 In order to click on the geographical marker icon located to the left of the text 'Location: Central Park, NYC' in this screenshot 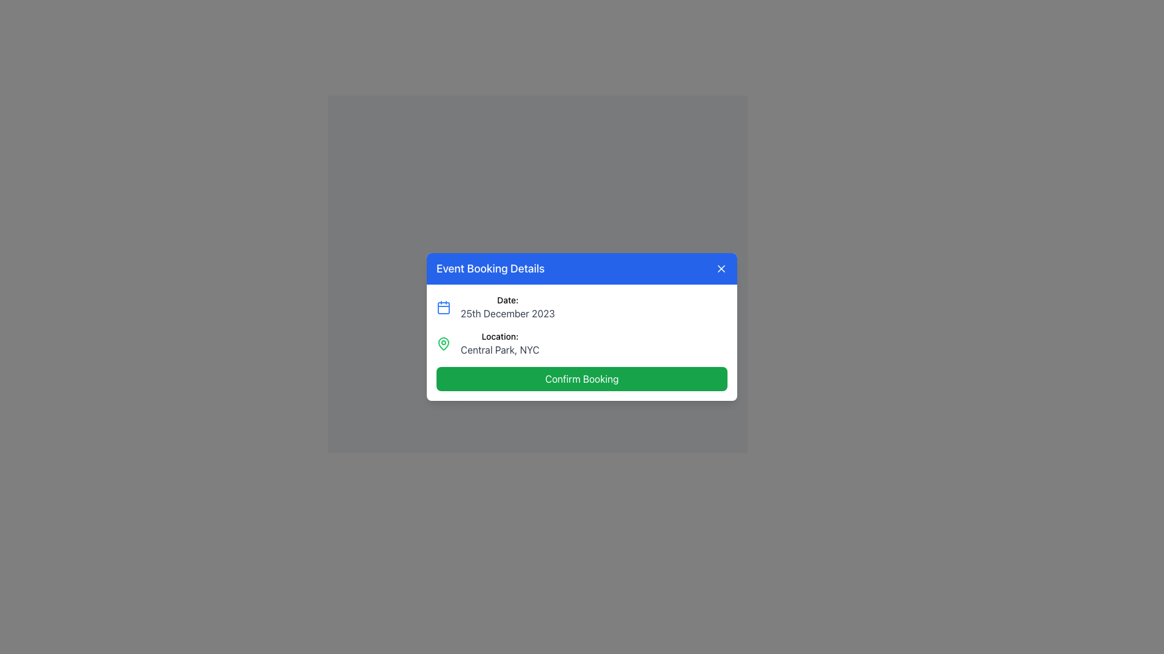, I will do `click(443, 343)`.